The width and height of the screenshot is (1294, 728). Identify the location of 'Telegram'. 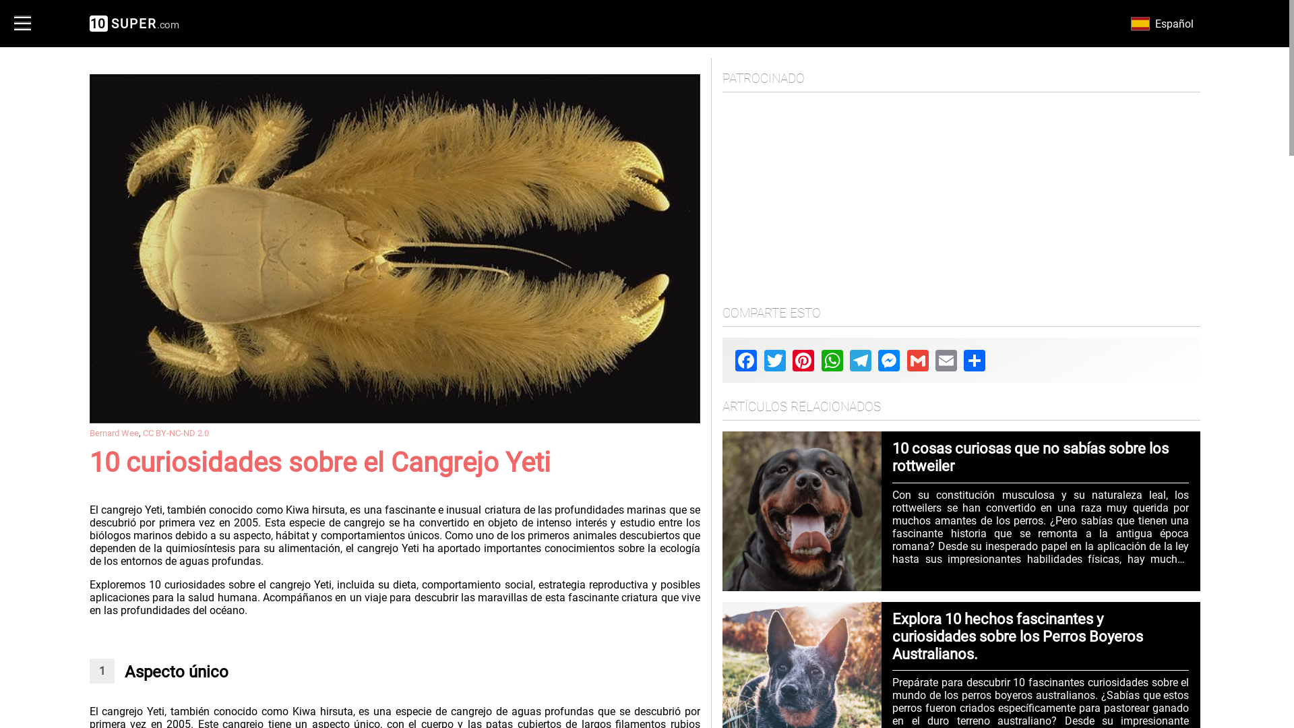
(847, 360).